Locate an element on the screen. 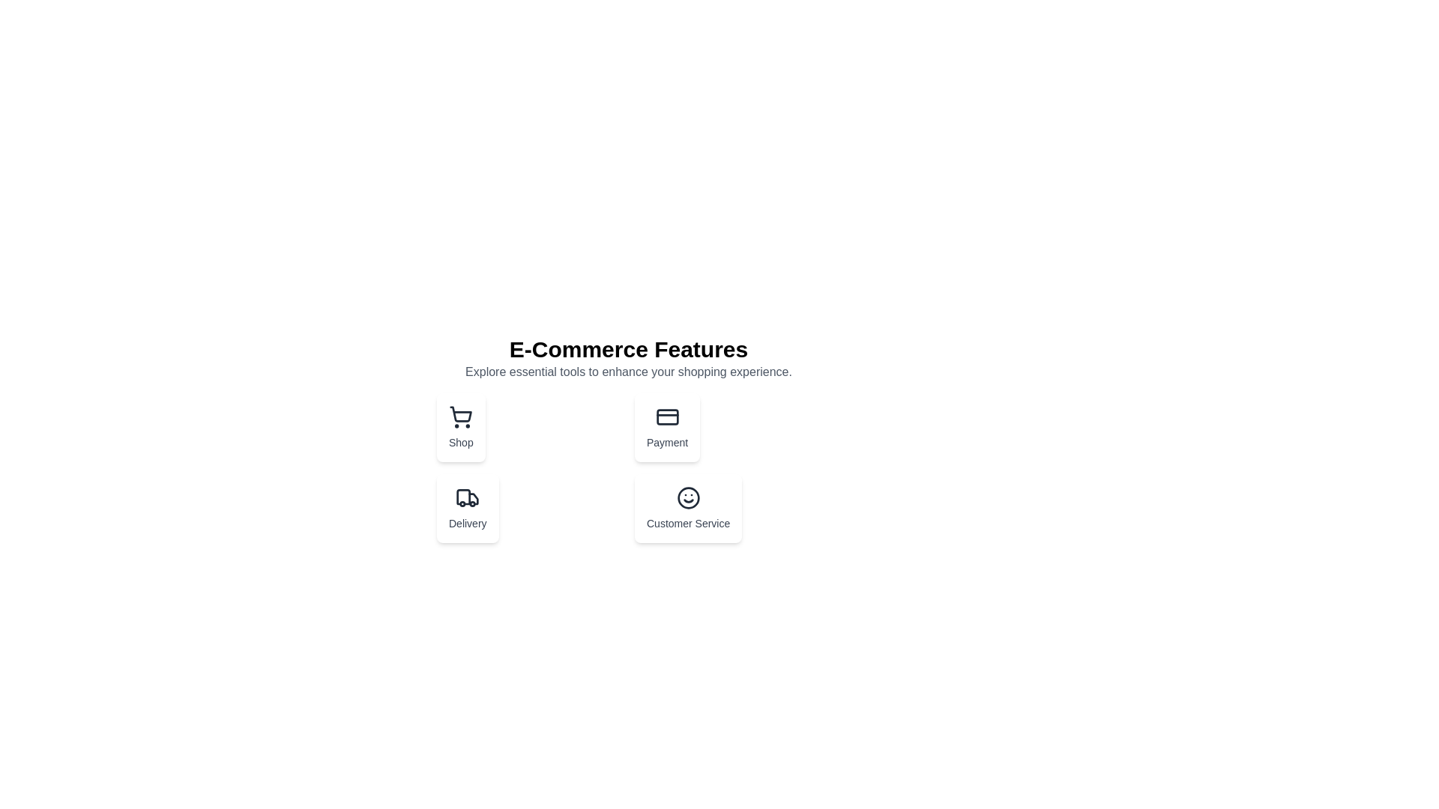 The width and height of the screenshot is (1439, 809). the rectangular button with rounded edges, featuring a white background and a truck icon above the text 'Delivery' in dark gray, located below the 'E-Commerce Features' heading is located at coordinates (467, 507).